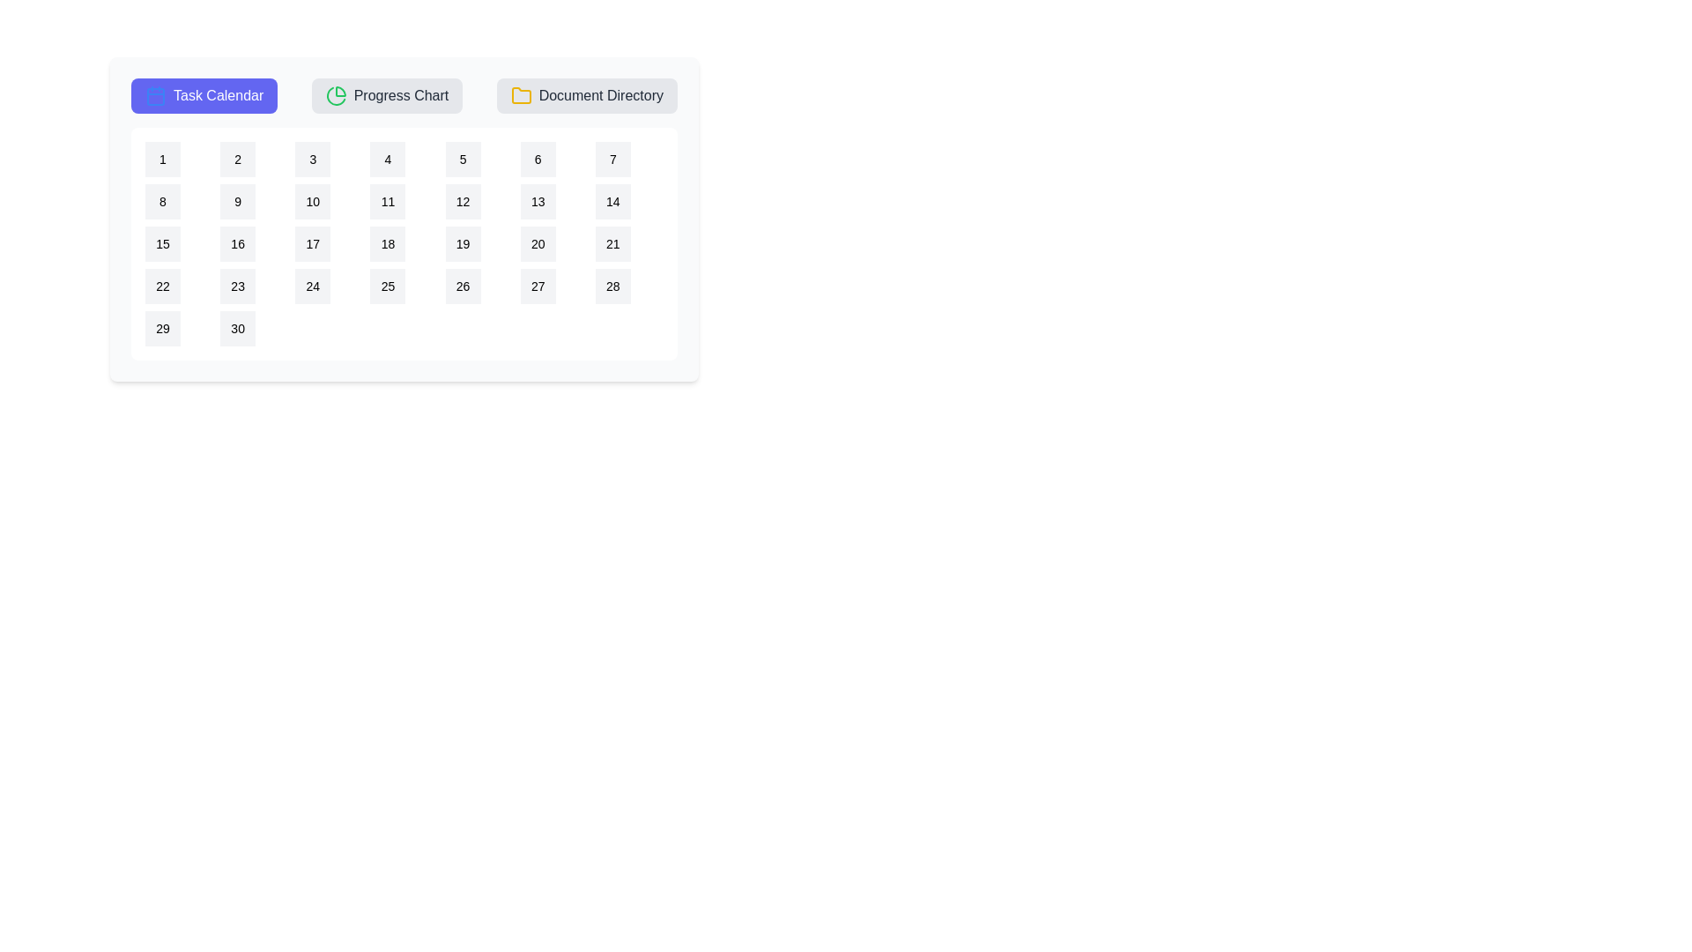  Describe the element at coordinates (313, 200) in the screenshot. I see `the calendar date 10` at that location.